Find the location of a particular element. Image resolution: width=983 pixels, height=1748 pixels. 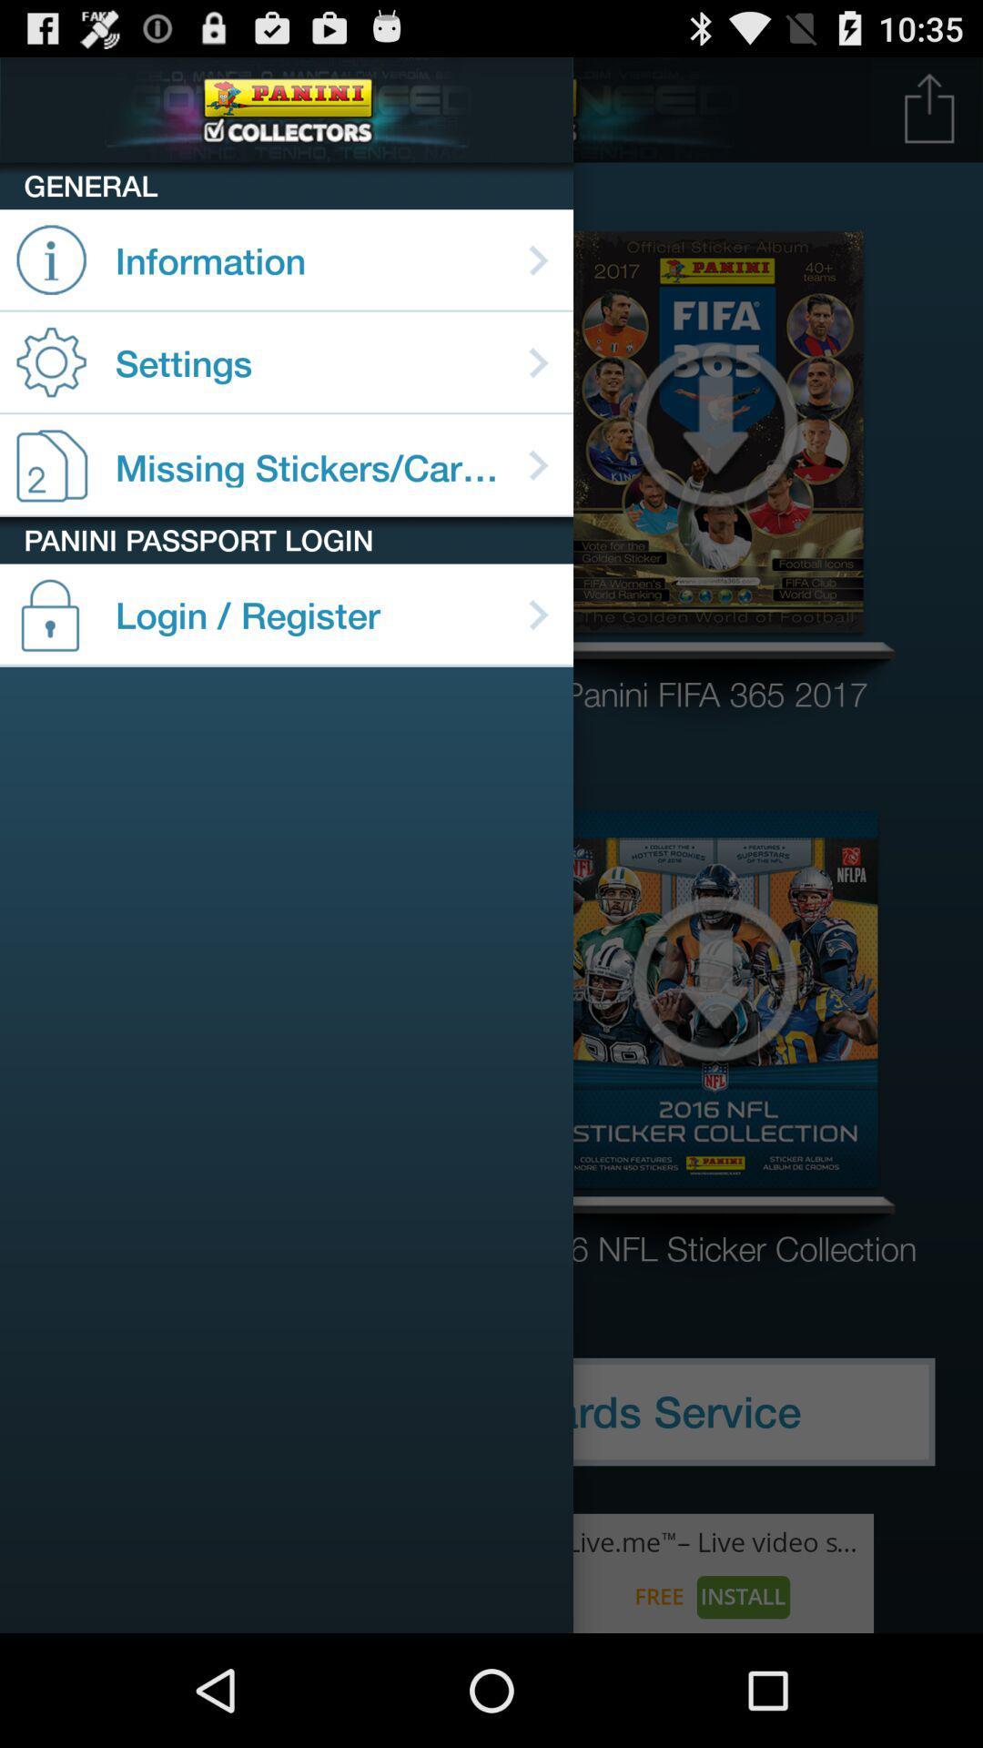

the file_download icon is located at coordinates (714, 452).